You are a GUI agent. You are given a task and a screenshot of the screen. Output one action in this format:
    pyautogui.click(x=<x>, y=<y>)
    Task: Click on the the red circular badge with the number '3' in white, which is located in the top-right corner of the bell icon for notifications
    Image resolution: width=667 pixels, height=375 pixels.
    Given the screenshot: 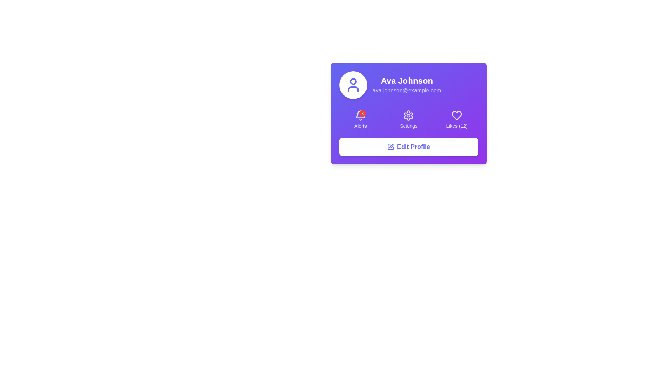 What is the action you would take?
    pyautogui.click(x=362, y=113)
    